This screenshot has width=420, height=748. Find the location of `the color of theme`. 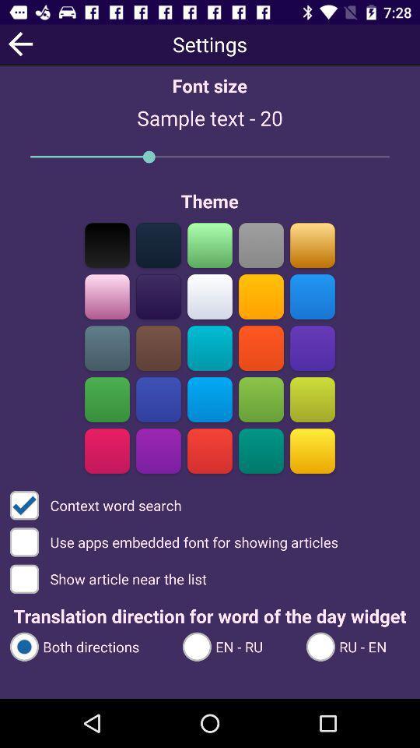

the color of theme is located at coordinates (158, 245).